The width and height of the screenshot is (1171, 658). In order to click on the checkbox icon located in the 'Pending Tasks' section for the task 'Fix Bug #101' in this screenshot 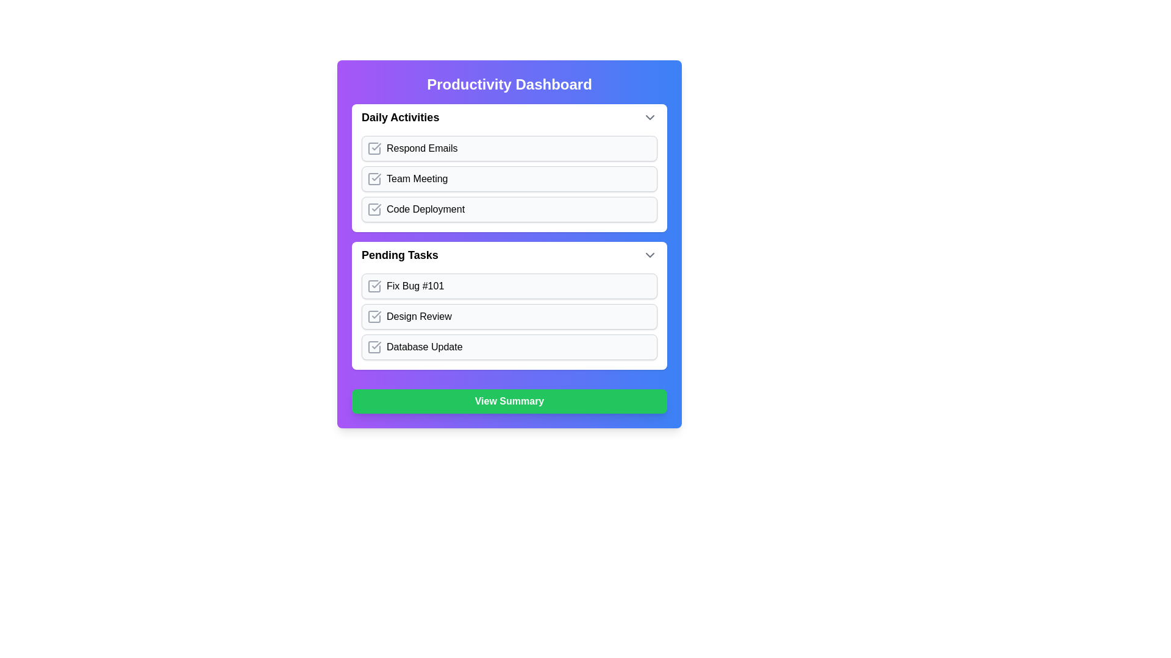, I will do `click(374, 286)`.